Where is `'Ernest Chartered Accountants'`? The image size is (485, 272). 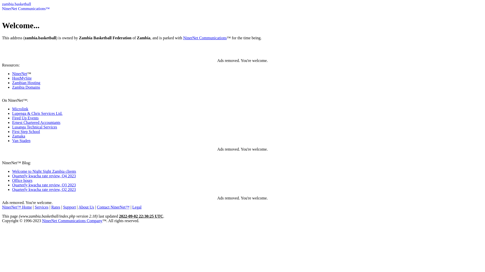 'Ernest Chartered Accountants' is located at coordinates (36, 122).